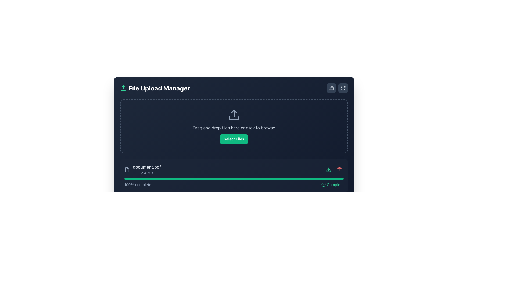 The width and height of the screenshot is (516, 290). What do you see at coordinates (127, 170) in the screenshot?
I see `the non-interactive file icon located in the upload list section, to the left of the filename 'document.pdf' and its size information '2.4 MB'` at bounding box center [127, 170].